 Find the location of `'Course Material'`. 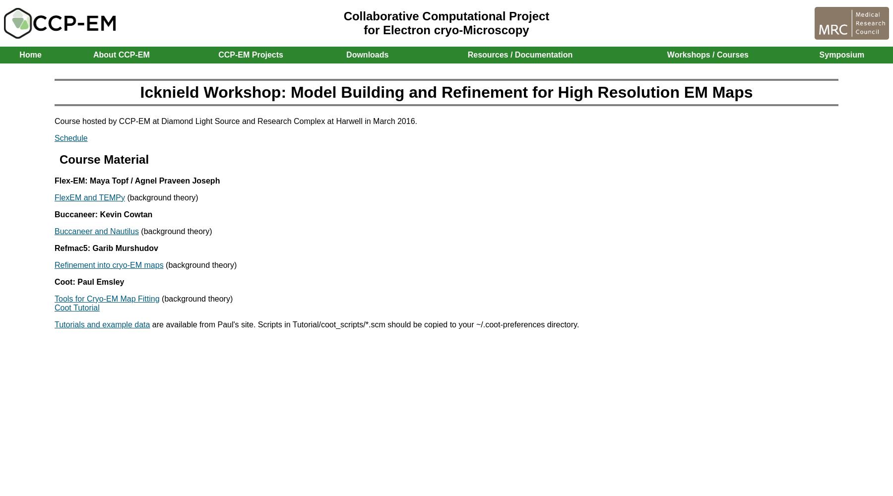

'Course Material' is located at coordinates (104, 158).